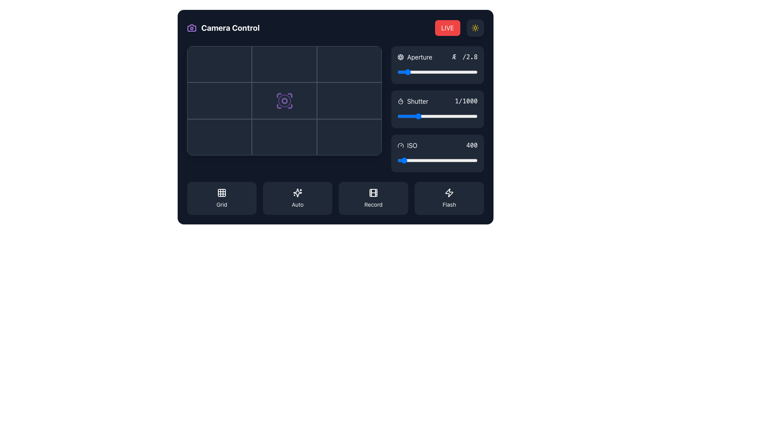 This screenshot has width=758, height=426. I want to click on the aperture, so click(411, 72).